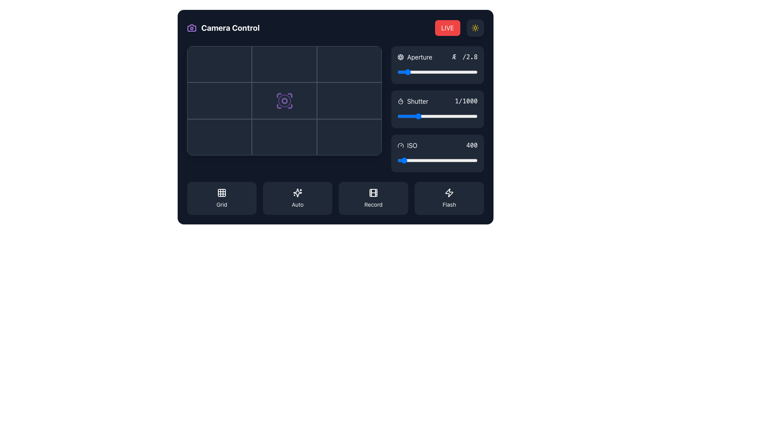 This screenshot has width=758, height=426. I want to click on the aperture, so click(411, 72).